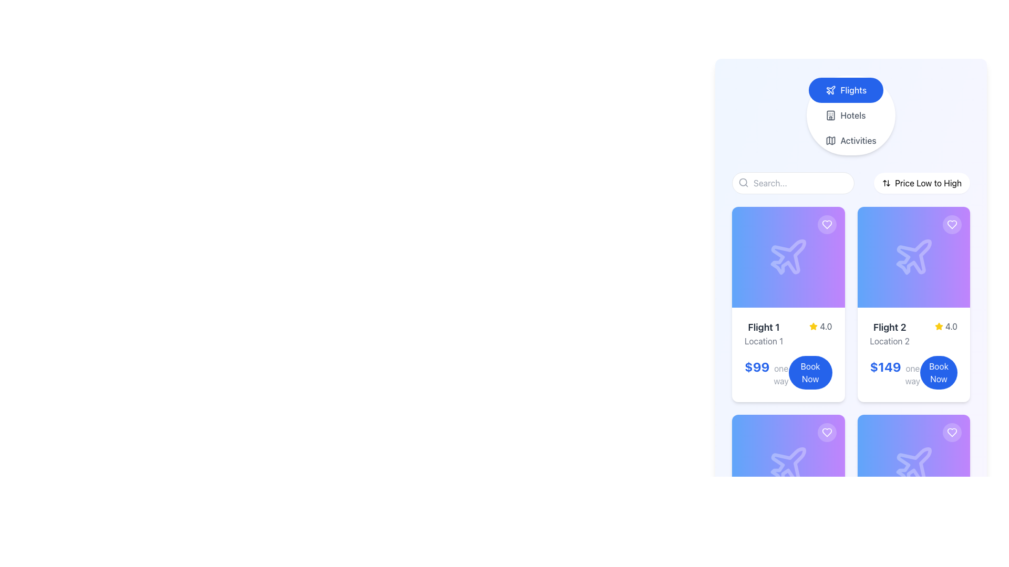  What do you see at coordinates (788, 257) in the screenshot?
I see `the decorative icon associated with flight or travel, located in the upper left quadrant of the 'Flight 1' card` at bounding box center [788, 257].